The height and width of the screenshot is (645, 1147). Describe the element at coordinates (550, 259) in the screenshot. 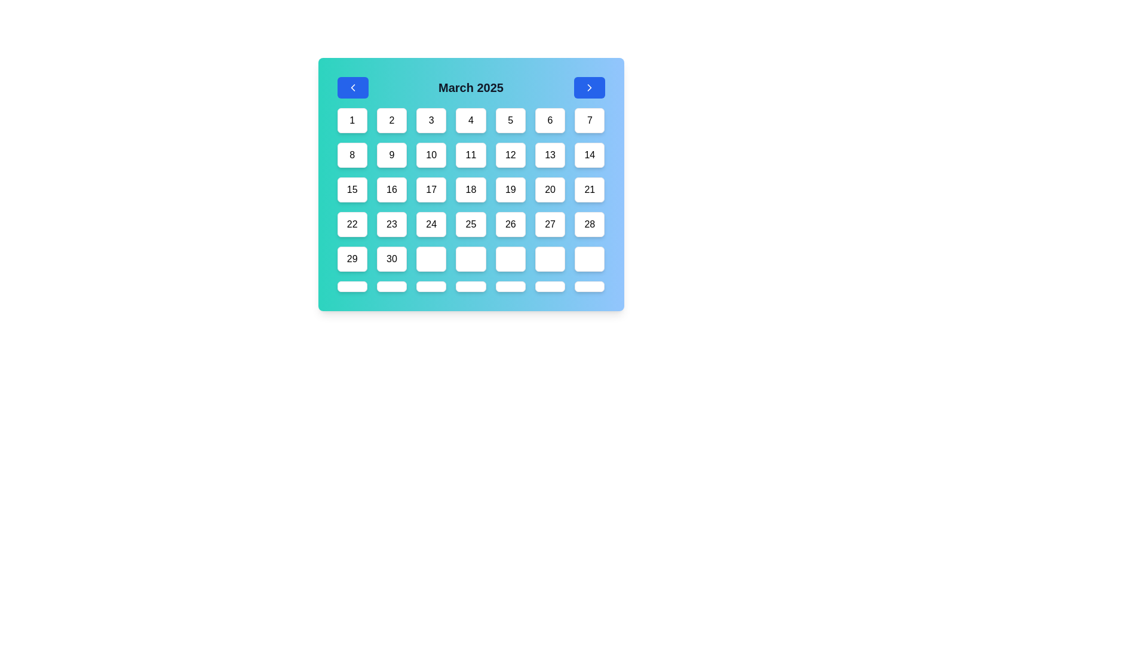

I see `the empty grid cell in the seventh column of the last visible row in the grid titled 'March 2025'` at that location.